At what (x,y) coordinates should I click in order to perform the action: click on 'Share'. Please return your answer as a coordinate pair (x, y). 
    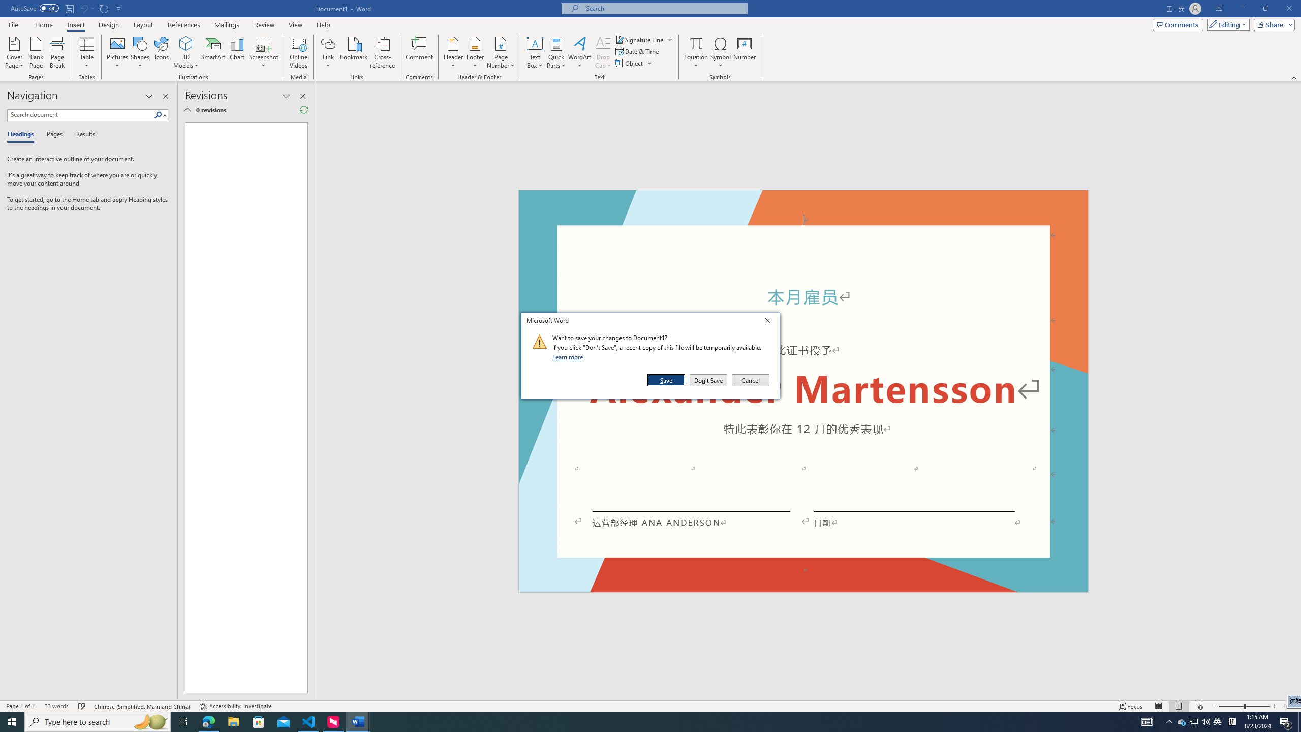
    Looking at the image, I should click on (1272, 24).